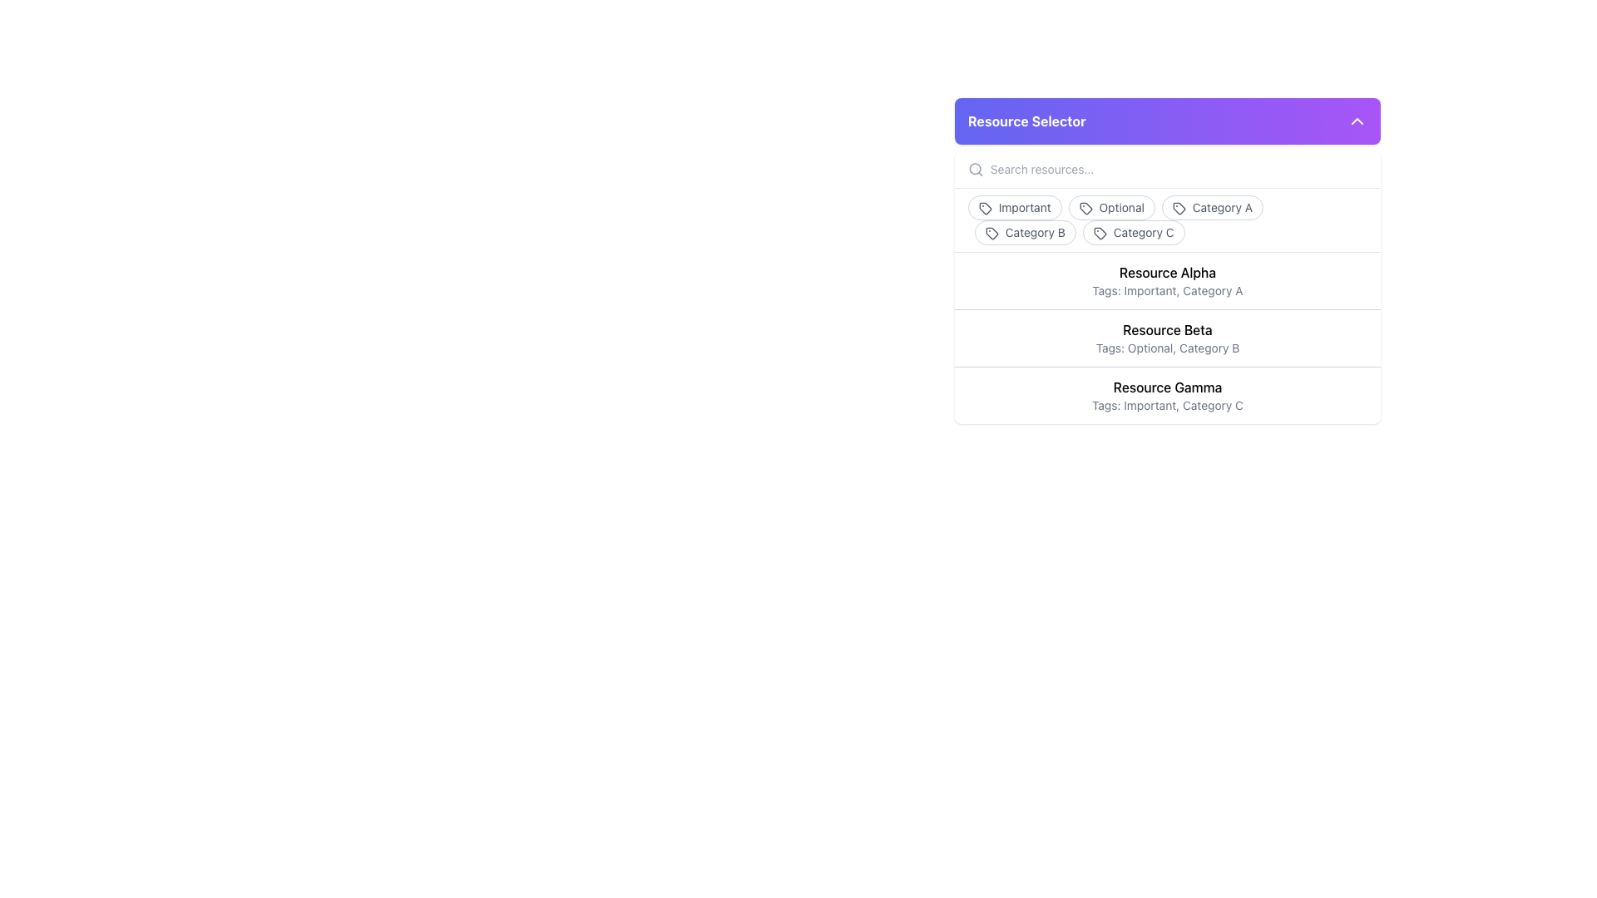  Describe the element at coordinates (1025, 233) in the screenshot. I see `the fourth button in the category tags located below the 'Resource Selector' header to trigger visual feedback` at that location.